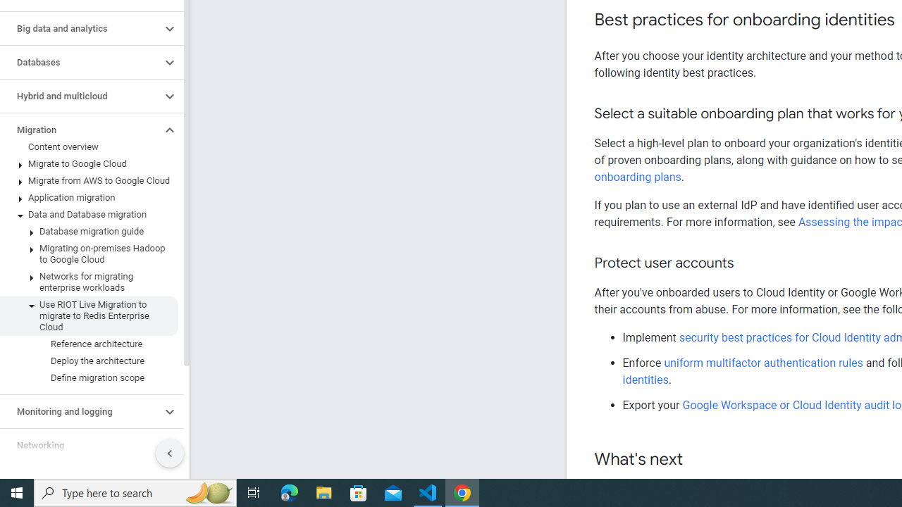 Image resolution: width=902 pixels, height=507 pixels. What do you see at coordinates (764, 362) in the screenshot?
I see `'uniform multifactor authentication rules '` at bounding box center [764, 362].